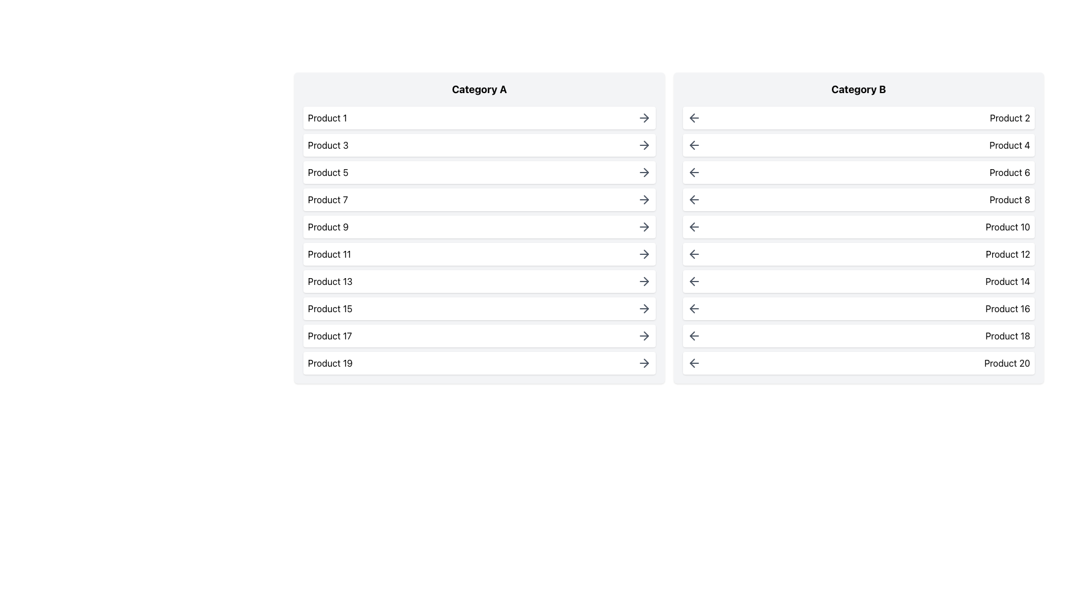 The height and width of the screenshot is (613, 1091). I want to click on the left-pointing arrow icon within the 'Product 16' row under 'Category B', so click(693, 308).